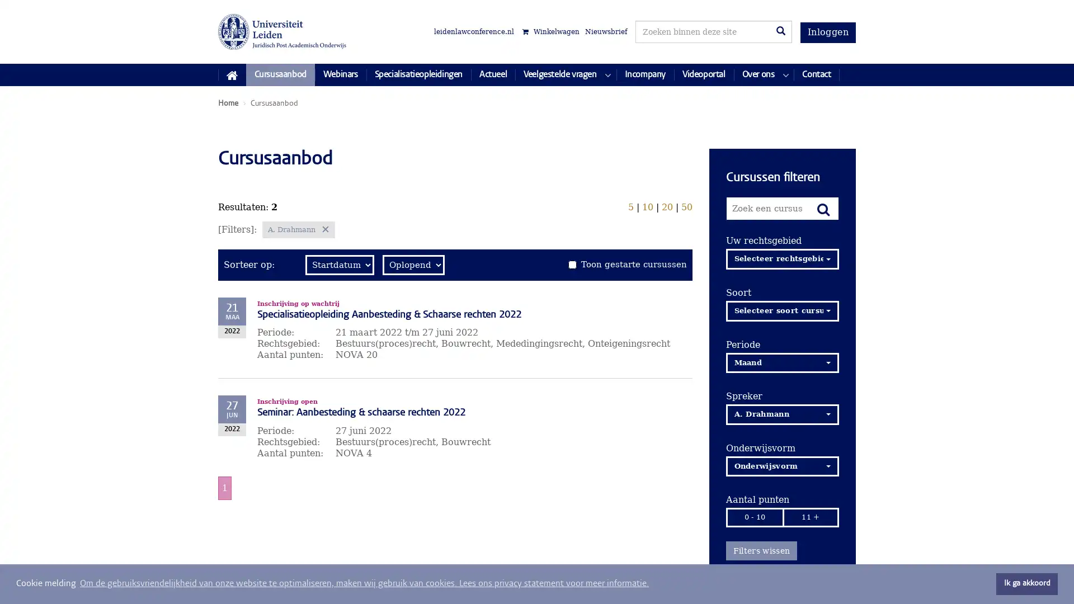  What do you see at coordinates (781, 362) in the screenshot?
I see `Maand` at bounding box center [781, 362].